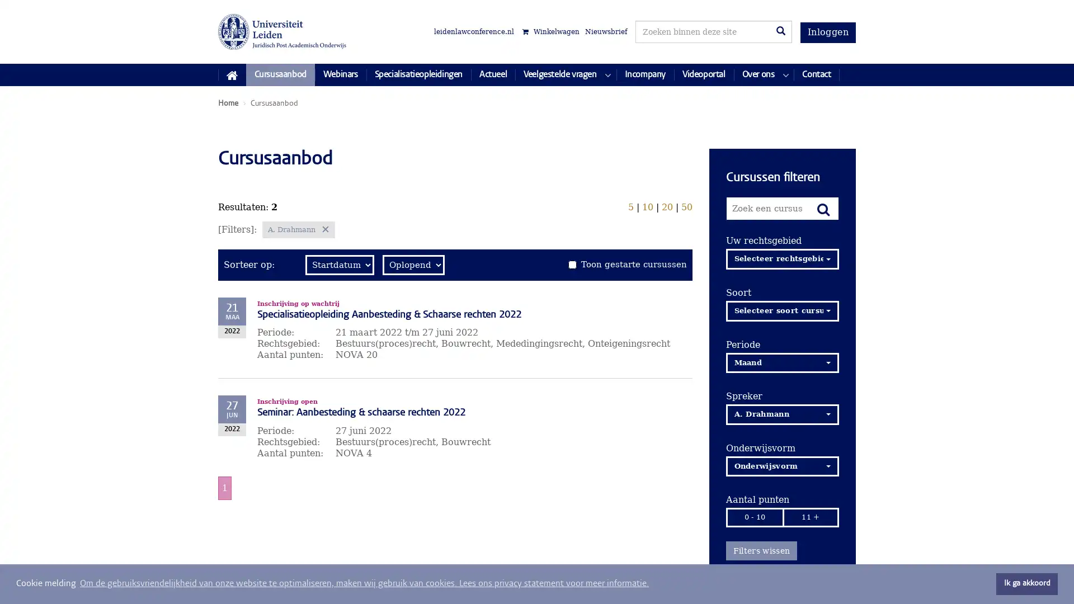  What do you see at coordinates (781, 362) in the screenshot?
I see `Maand` at bounding box center [781, 362].